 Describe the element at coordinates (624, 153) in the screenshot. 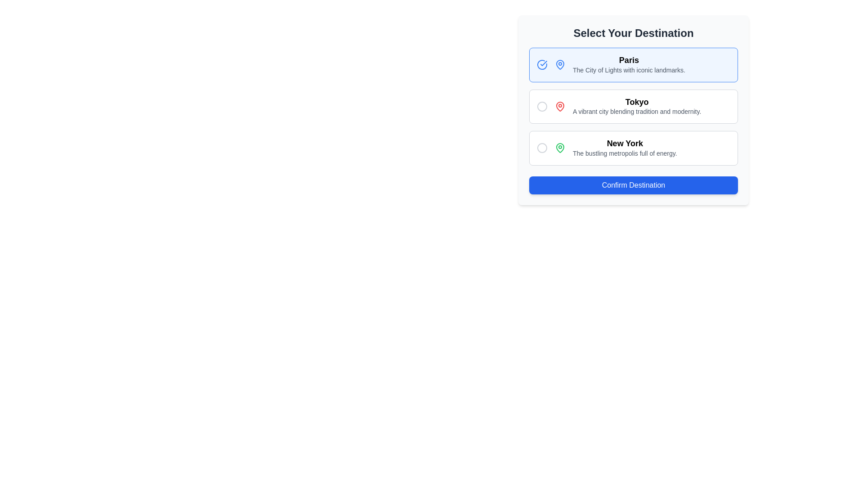

I see `the text element reading 'The bustling metropolis full of energy.' which is styled in a small gray font and located below the title 'New York' in the 'Select Your Destination' interface` at that location.